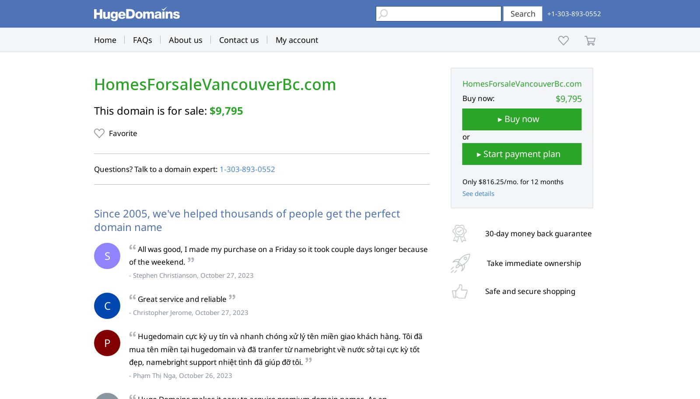 This screenshot has width=700, height=399. I want to click on '- Stephen Christianson, October 27, 2023', so click(191, 275).